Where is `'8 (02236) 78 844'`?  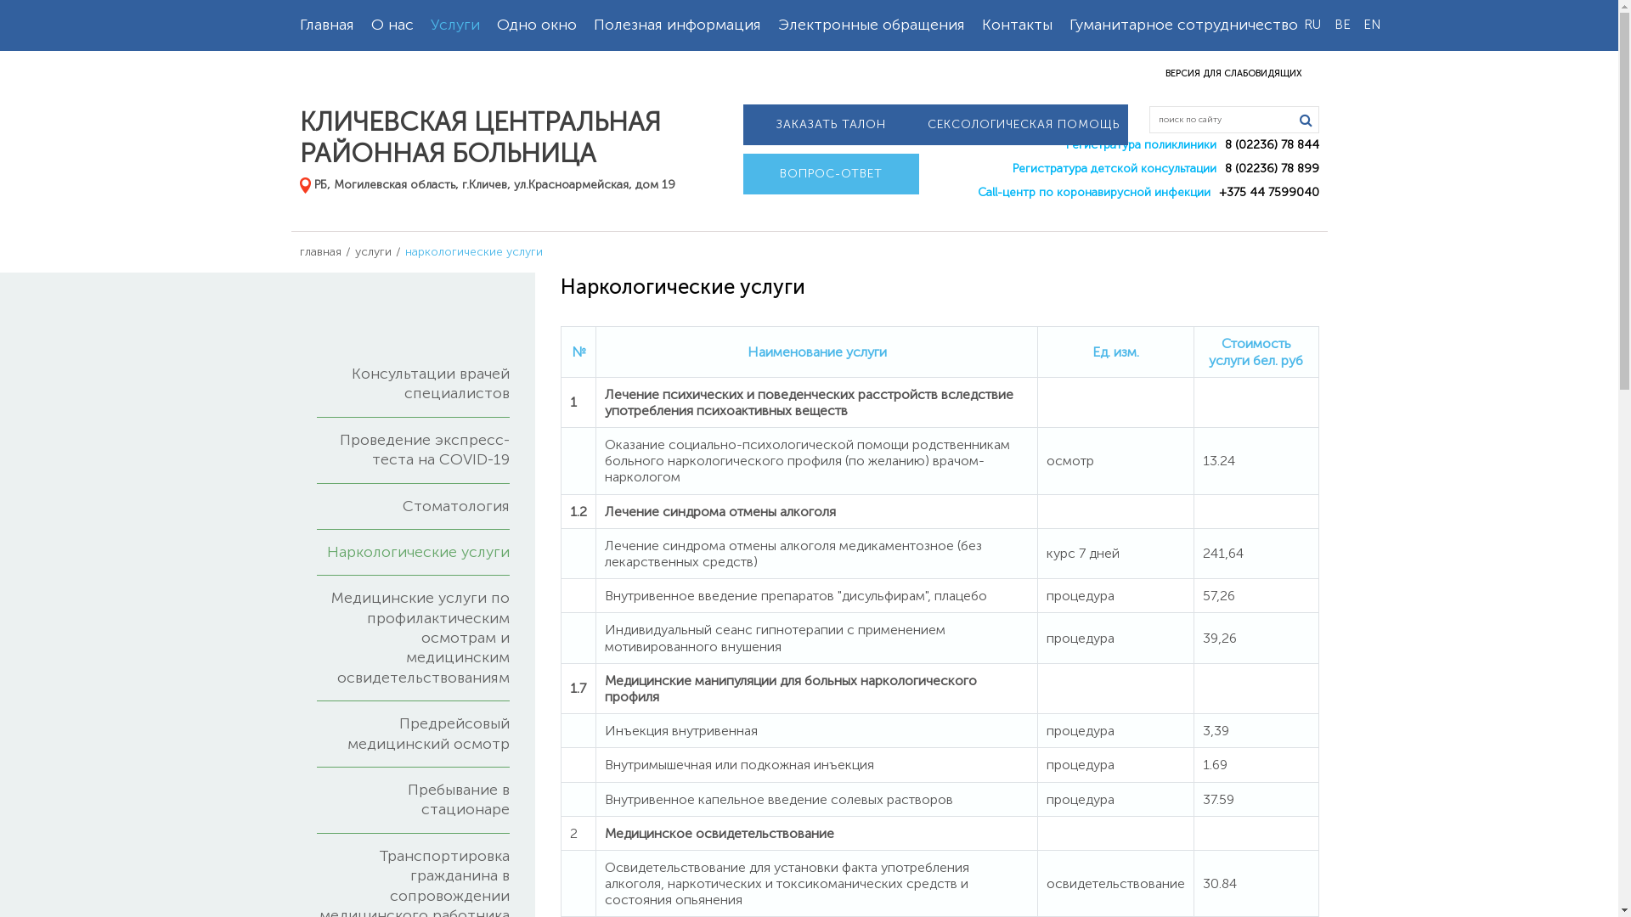
'8 (02236) 78 844' is located at coordinates (1272, 143).